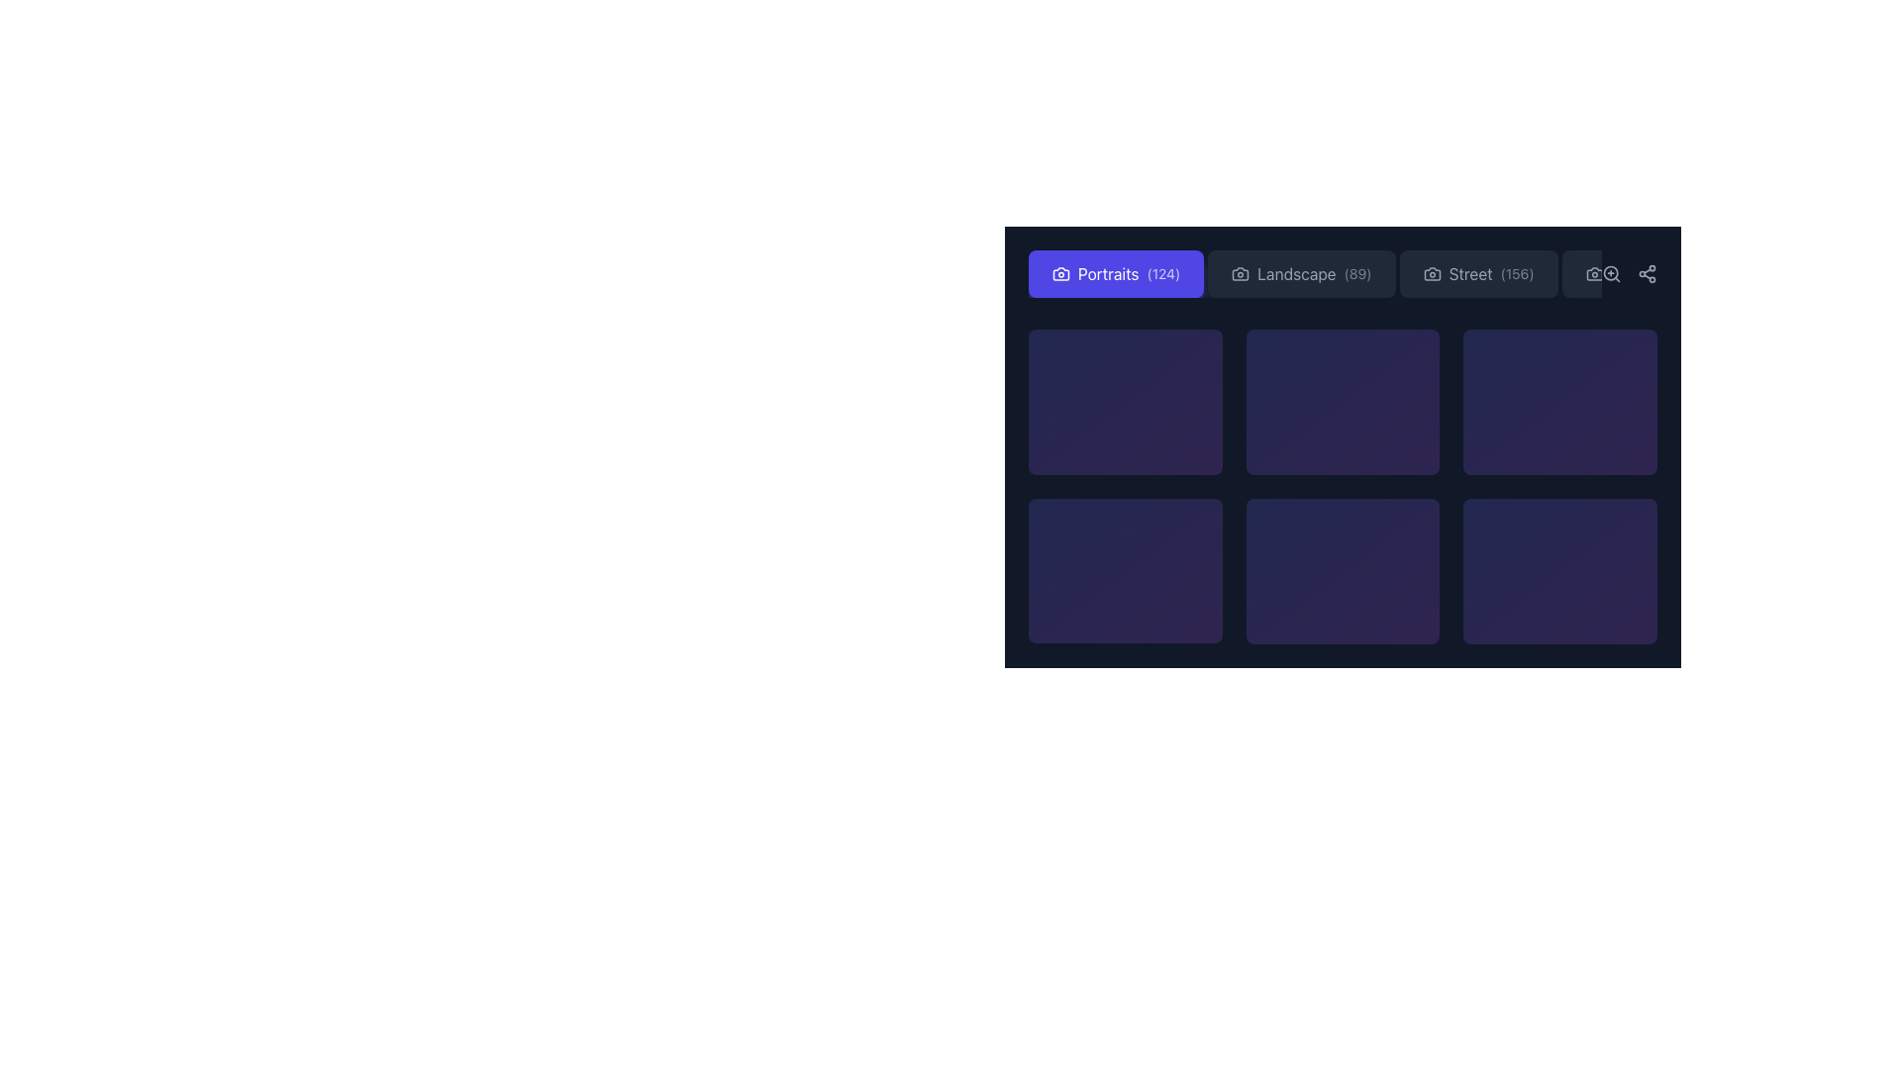  What do you see at coordinates (1163, 274) in the screenshot?
I see `the text label indicating the quantity of items available in the 'Portraits' category, located to the right of the text 'Portraits' within the category buttons at the top of the interface` at bounding box center [1163, 274].